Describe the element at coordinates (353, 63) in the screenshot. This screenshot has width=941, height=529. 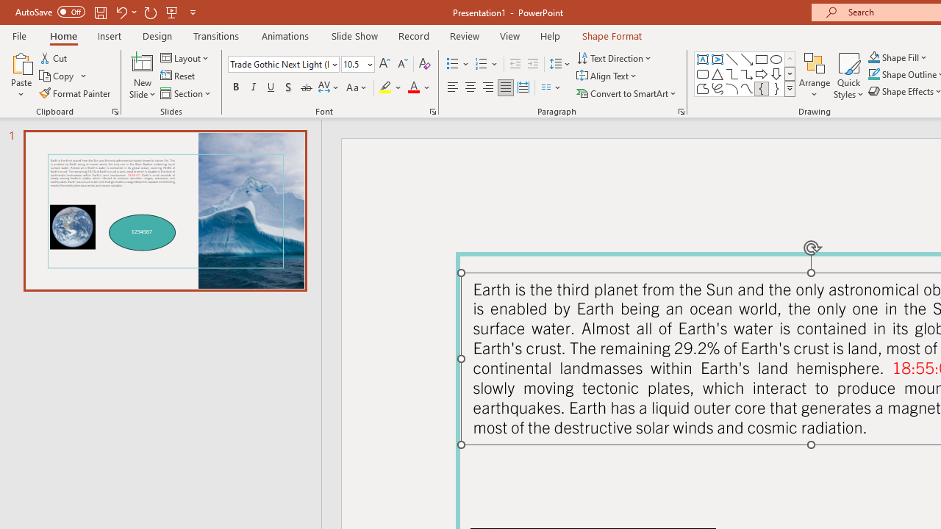
I see `'Font Size'` at that location.